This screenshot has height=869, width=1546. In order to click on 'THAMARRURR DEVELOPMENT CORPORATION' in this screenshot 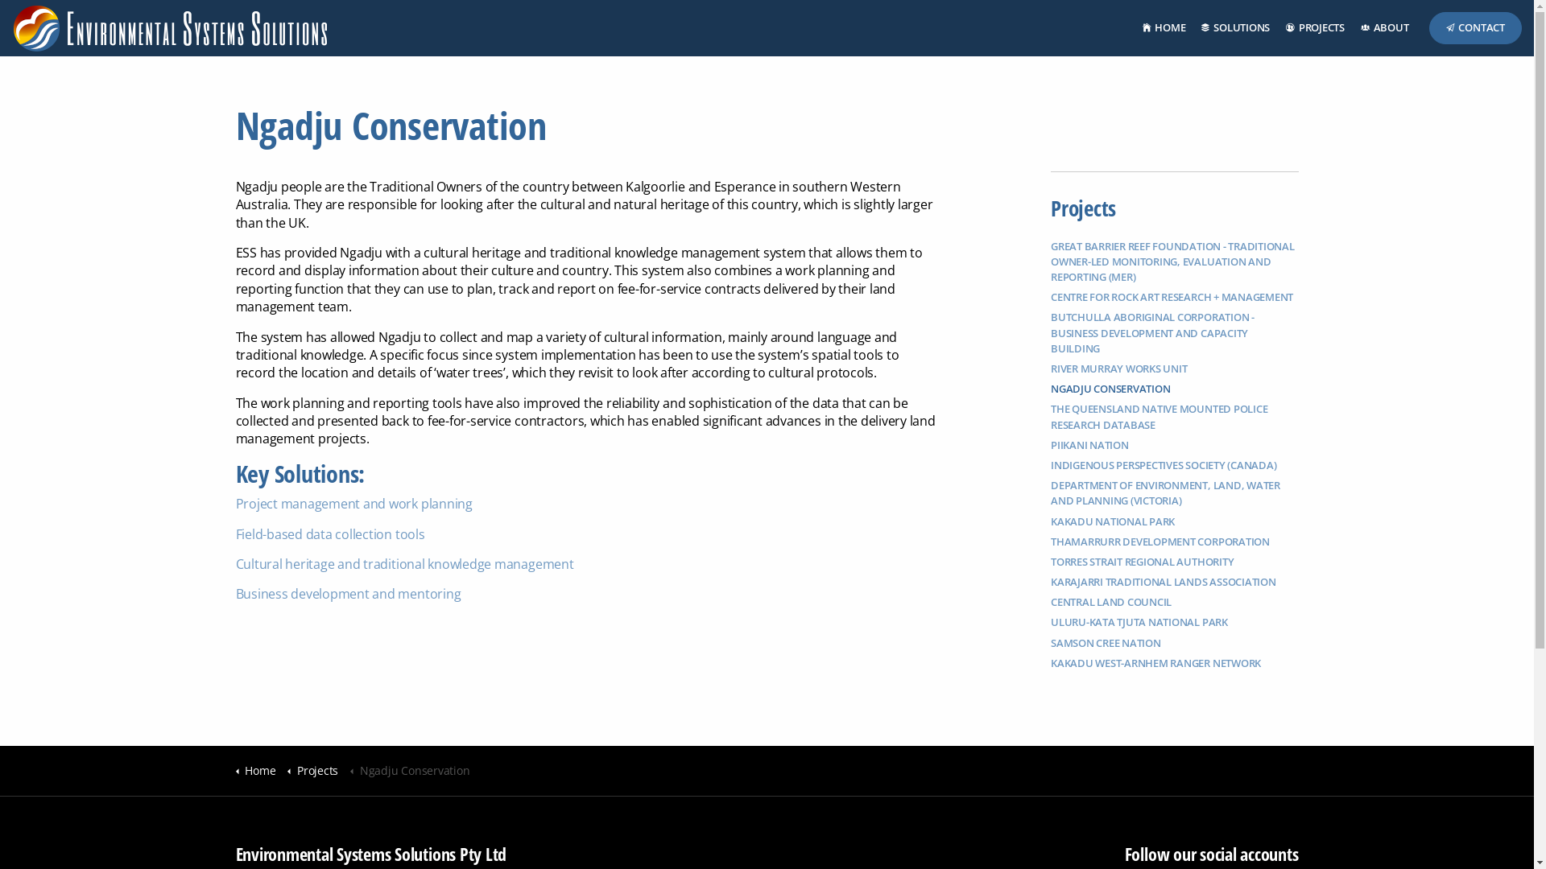, I will do `click(1175, 542)`.